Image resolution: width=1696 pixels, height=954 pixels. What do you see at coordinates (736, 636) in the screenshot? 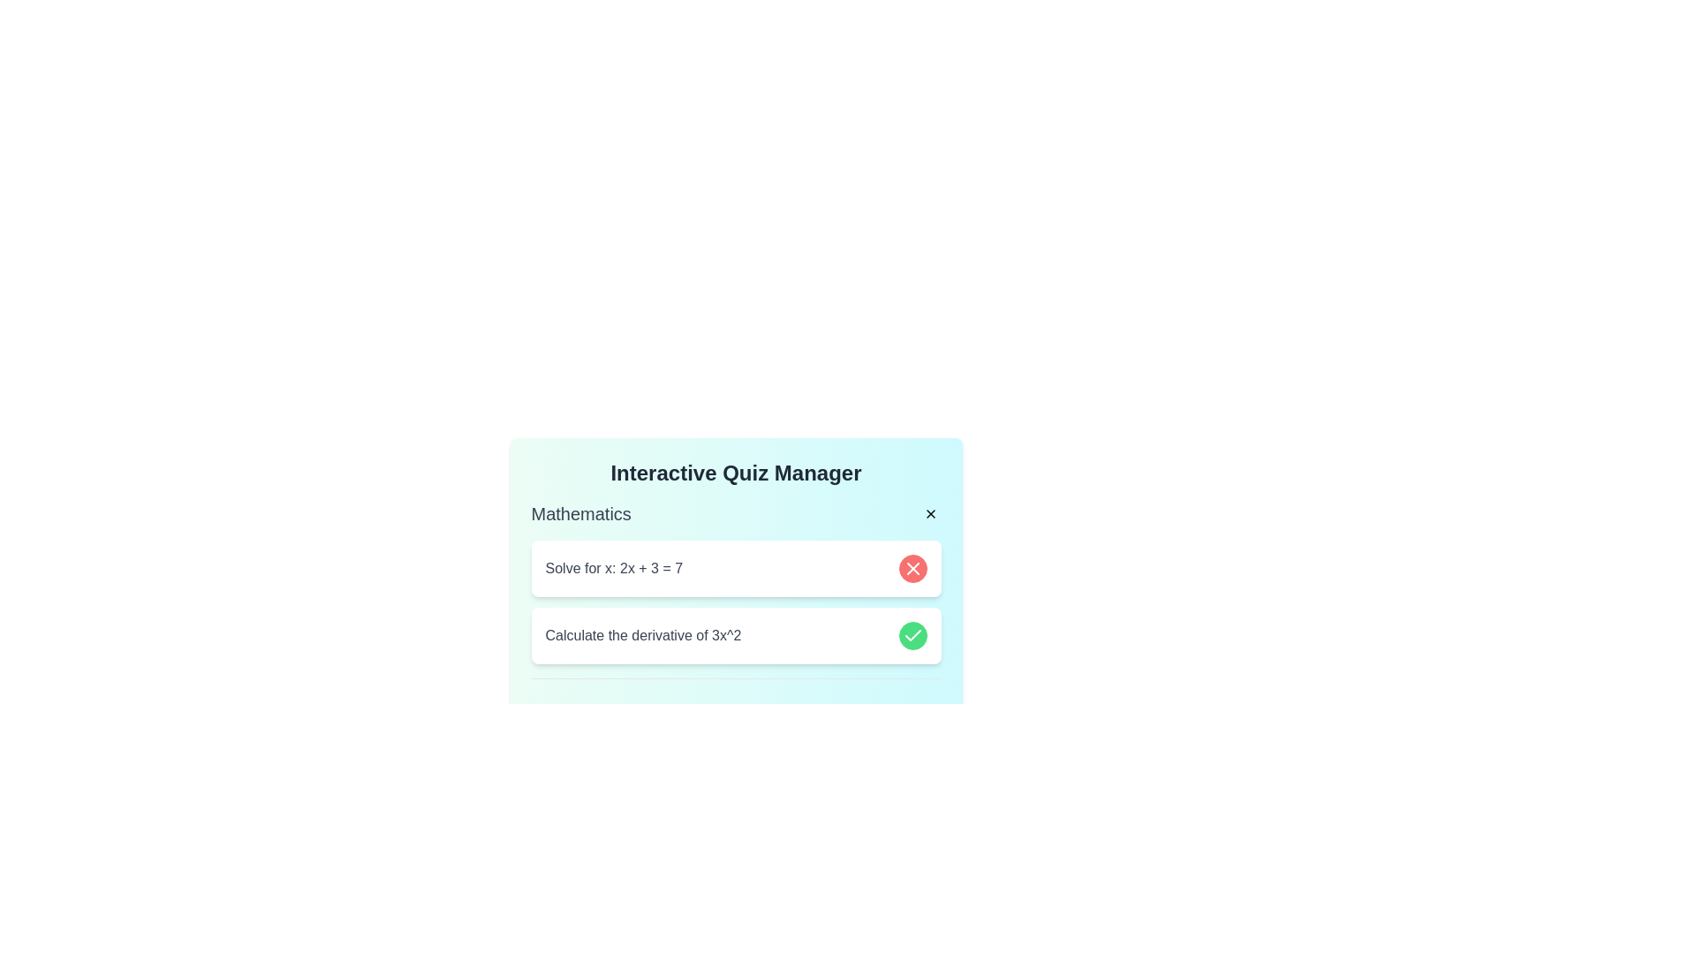
I see `the quiz task prompt asking the user to calculate the derivative of '3x^2'` at bounding box center [736, 636].